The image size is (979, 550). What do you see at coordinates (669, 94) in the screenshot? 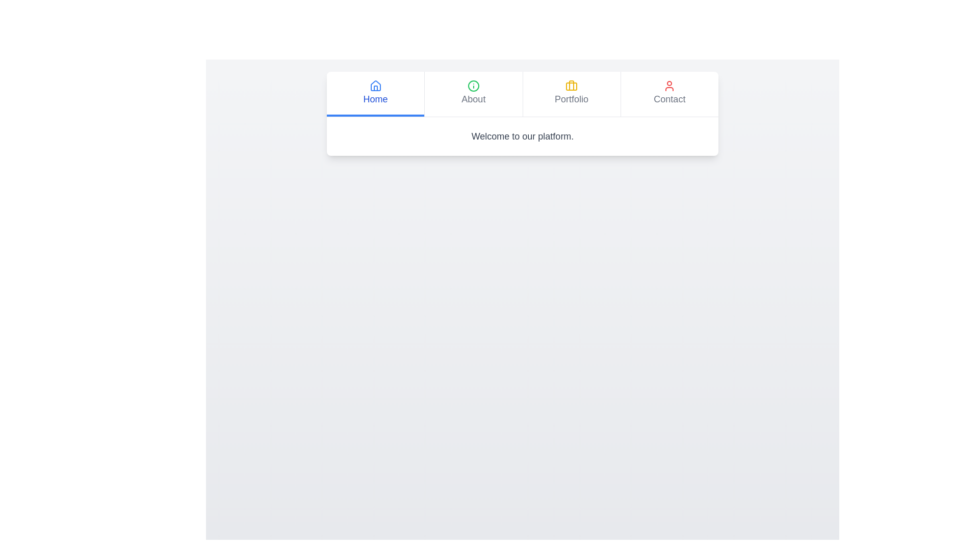
I see `the tab labeled 'Contact' to observe the visual feedback` at bounding box center [669, 94].